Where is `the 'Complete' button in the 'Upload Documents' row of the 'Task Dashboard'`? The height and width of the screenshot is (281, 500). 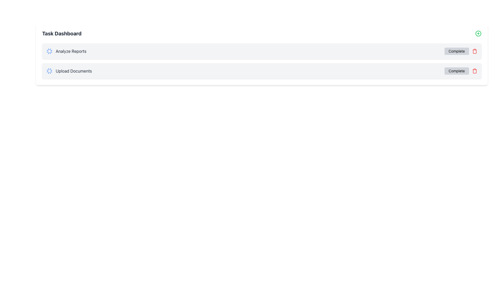
the 'Complete' button in the 'Upload Documents' row of the 'Task Dashboard' is located at coordinates (456, 71).